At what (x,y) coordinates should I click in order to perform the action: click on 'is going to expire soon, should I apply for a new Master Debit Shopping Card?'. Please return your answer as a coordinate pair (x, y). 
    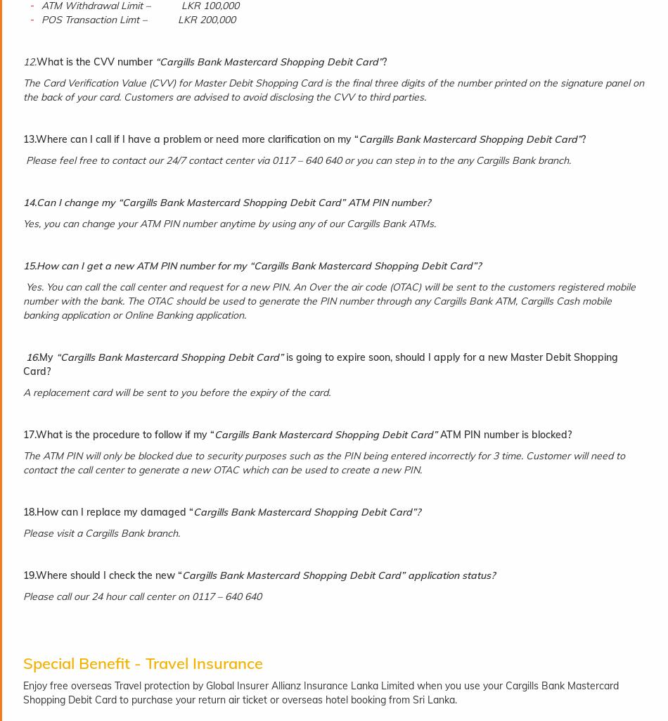
    Looking at the image, I should click on (23, 364).